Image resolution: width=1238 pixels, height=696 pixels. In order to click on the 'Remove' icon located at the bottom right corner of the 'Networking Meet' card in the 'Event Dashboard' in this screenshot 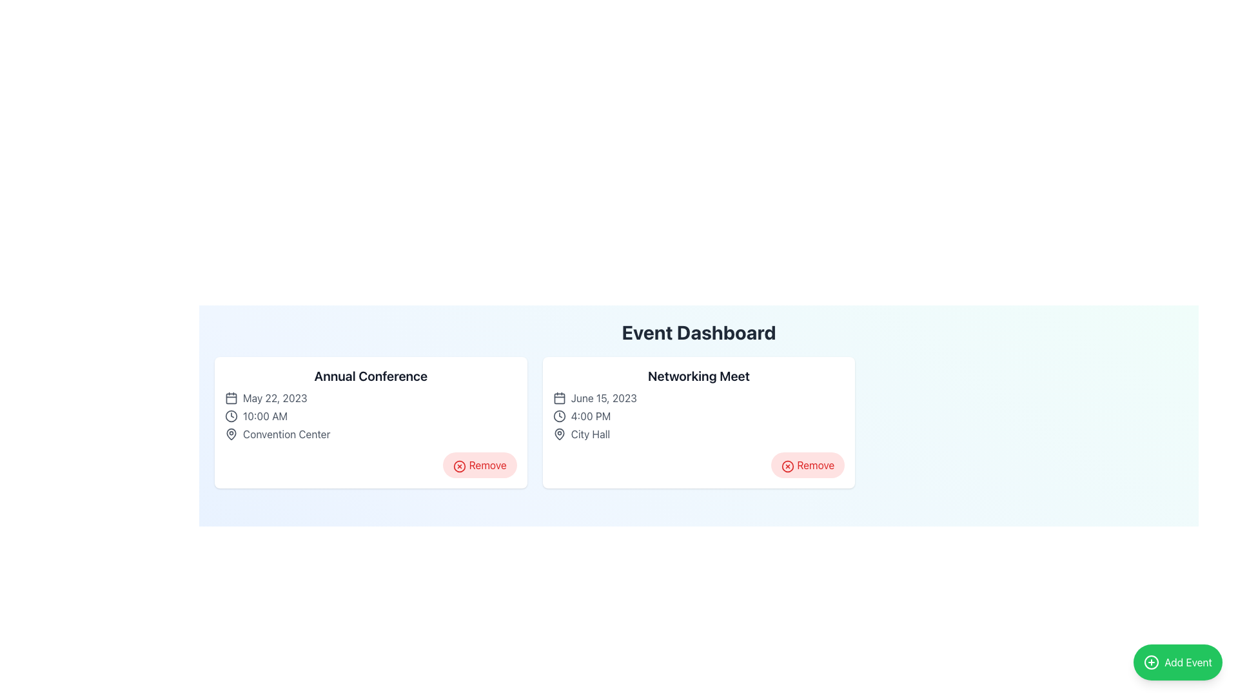, I will do `click(787, 466)`.